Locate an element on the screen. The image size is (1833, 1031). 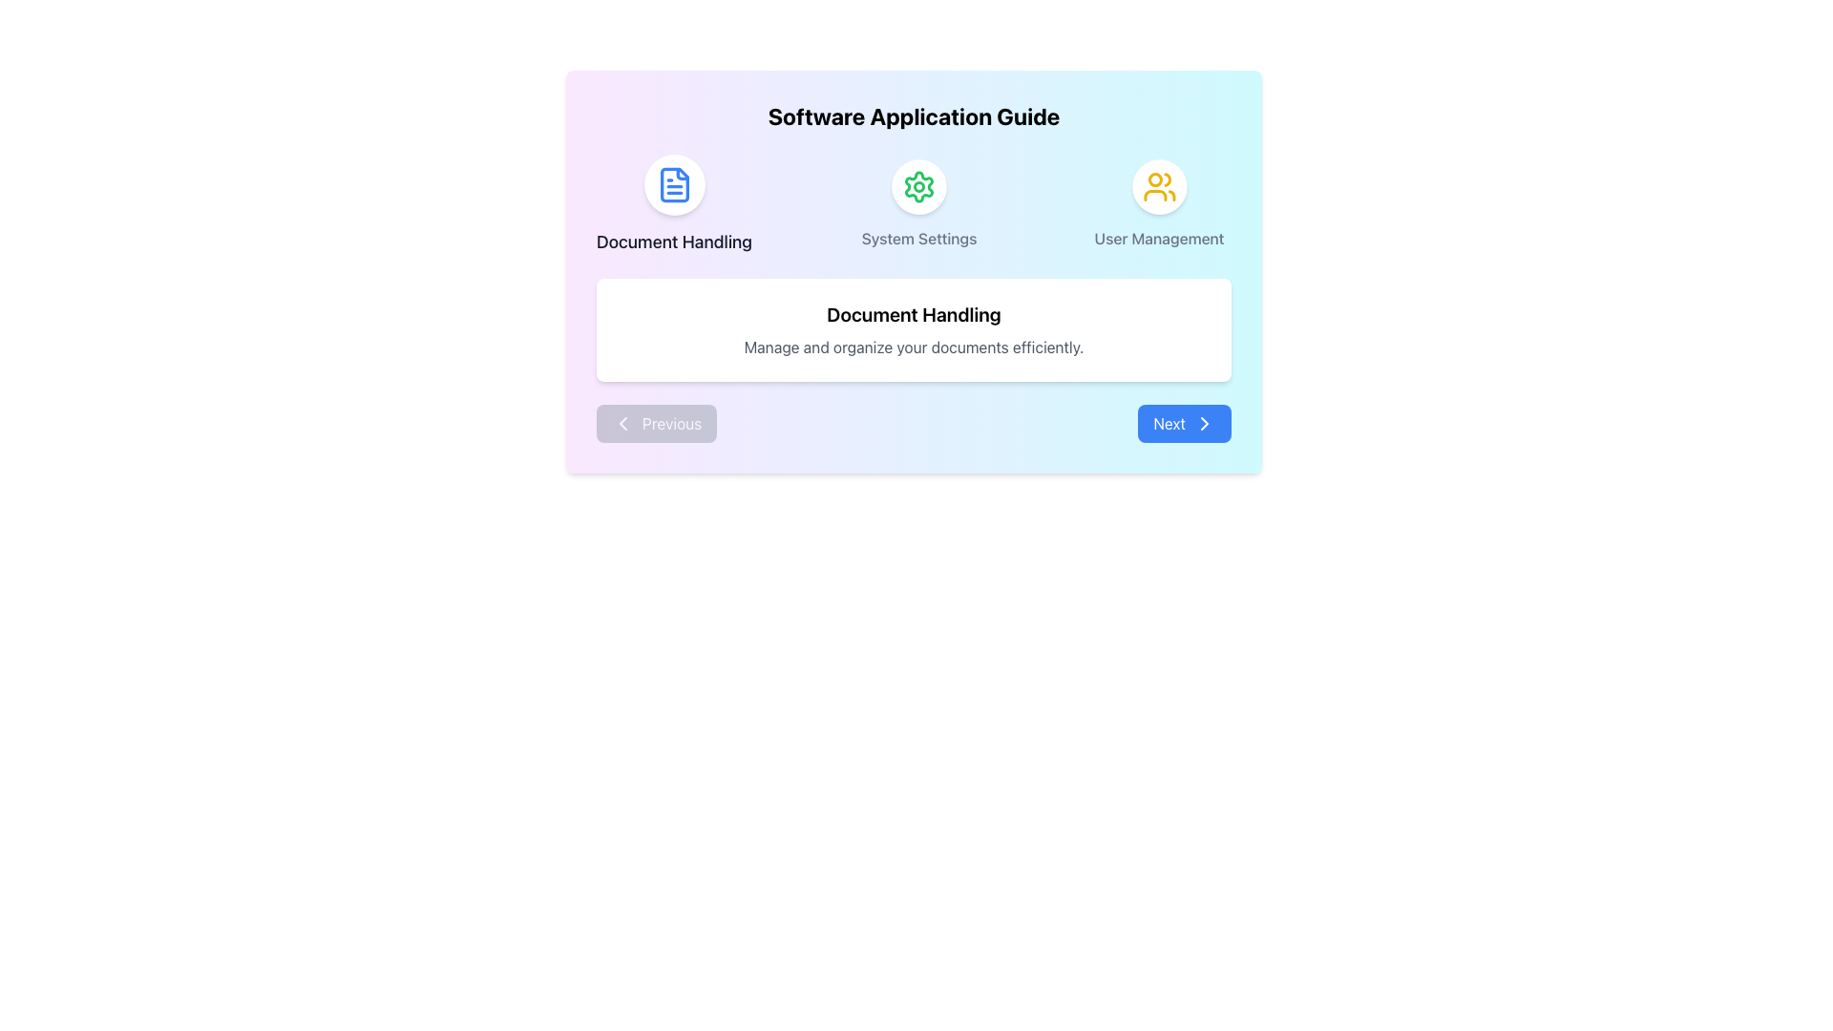
the left arrow icon inside the 'Previous' button is located at coordinates (622, 422).